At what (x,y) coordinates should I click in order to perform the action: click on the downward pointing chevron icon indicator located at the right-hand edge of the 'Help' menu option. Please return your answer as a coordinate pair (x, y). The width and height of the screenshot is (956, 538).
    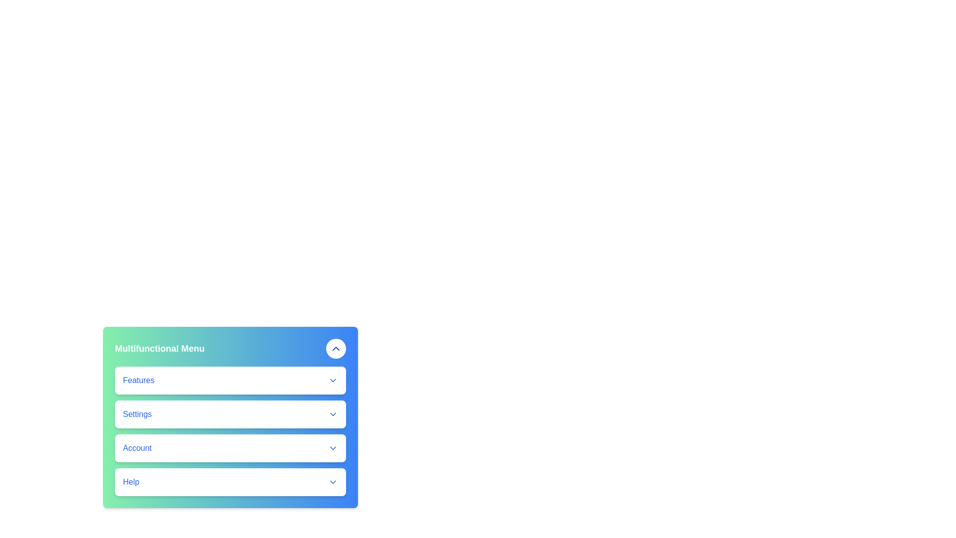
    Looking at the image, I should click on (333, 482).